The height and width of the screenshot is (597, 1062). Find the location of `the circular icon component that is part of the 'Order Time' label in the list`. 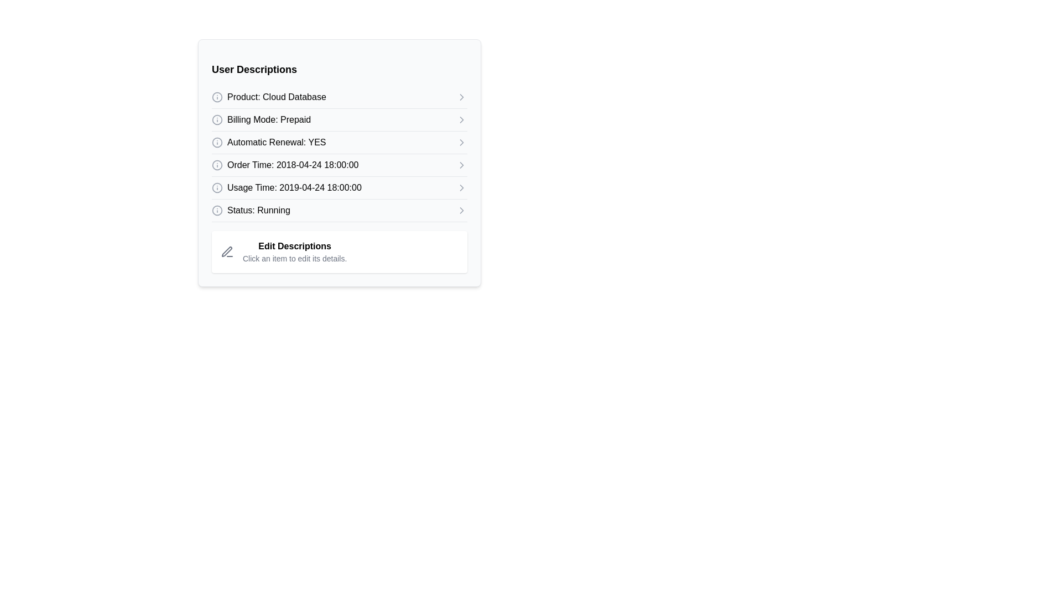

the circular icon component that is part of the 'Order Time' label in the list is located at coordinates (217, 165).